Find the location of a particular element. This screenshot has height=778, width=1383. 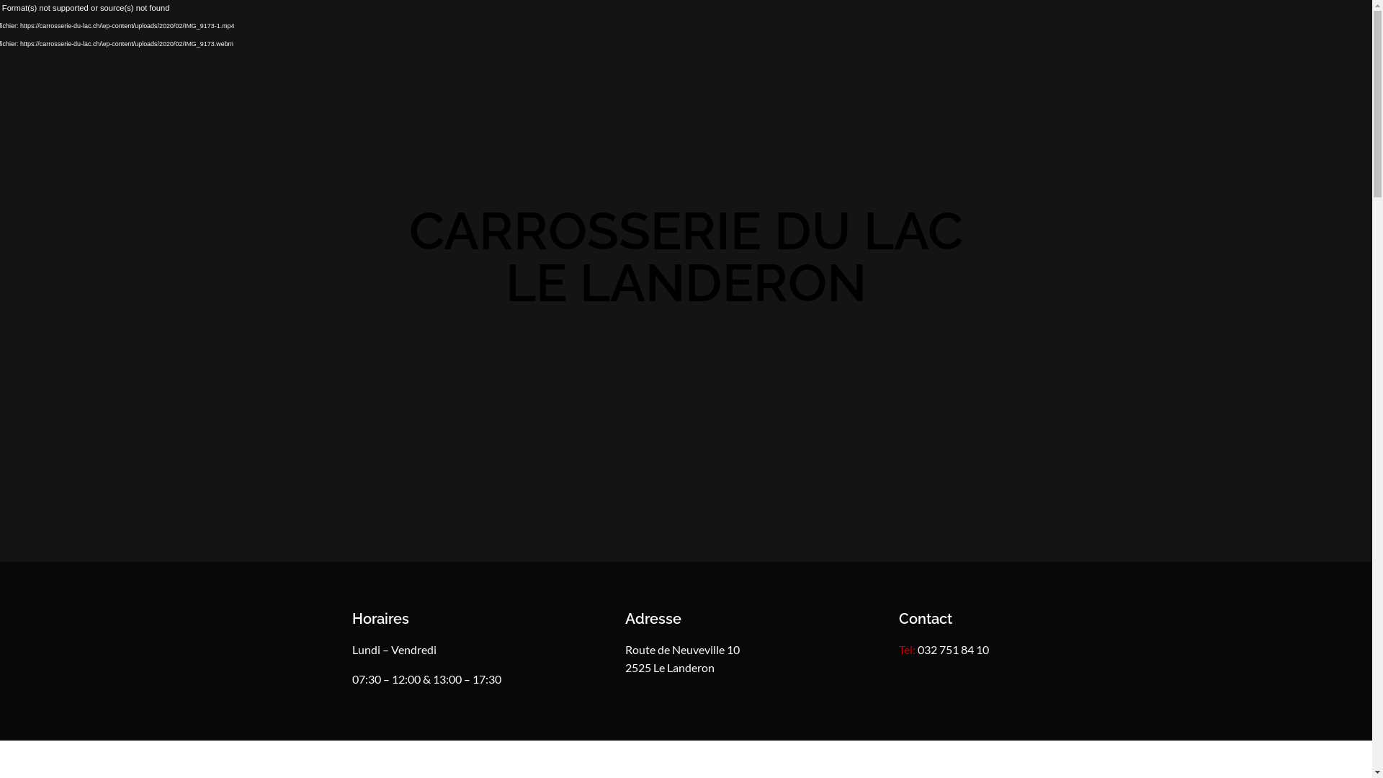

'032 751 84 10' is located at coordinates (953, 649).